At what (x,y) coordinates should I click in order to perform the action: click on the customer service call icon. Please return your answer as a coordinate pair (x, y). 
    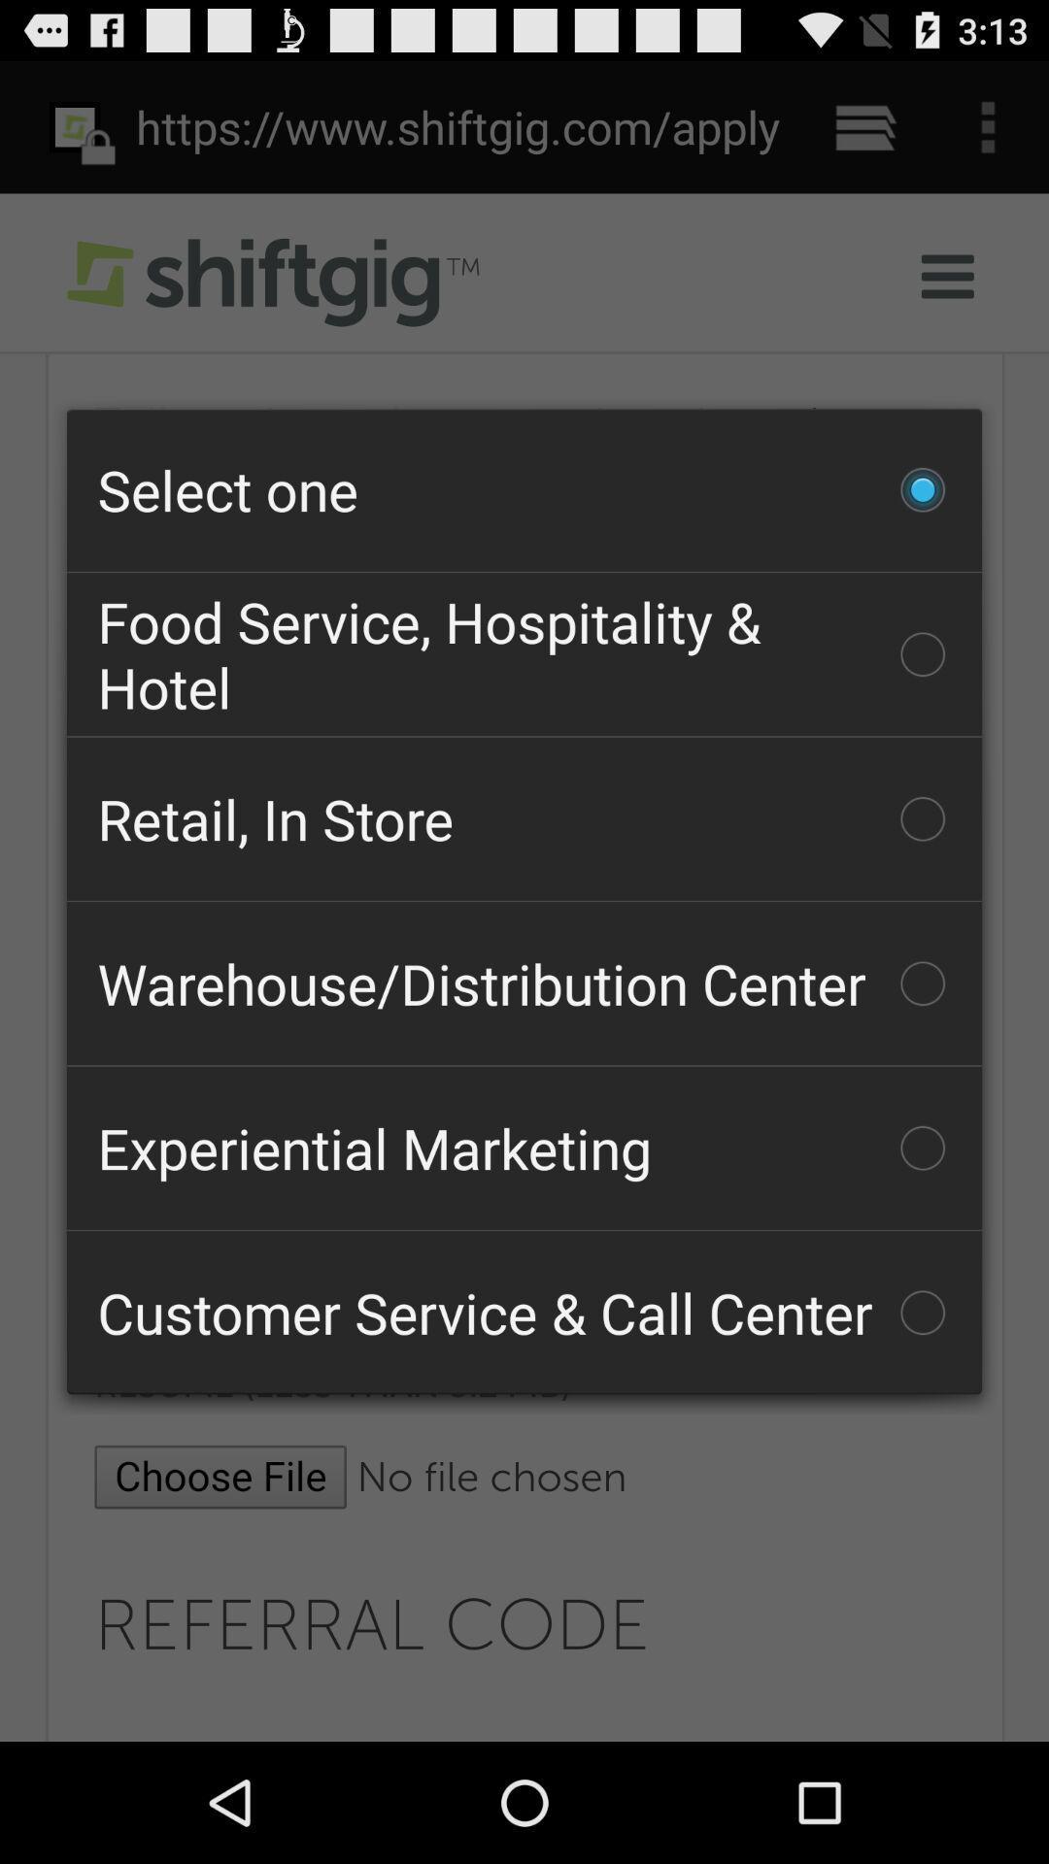
    Looking at the image, I should click on (524, 1313).